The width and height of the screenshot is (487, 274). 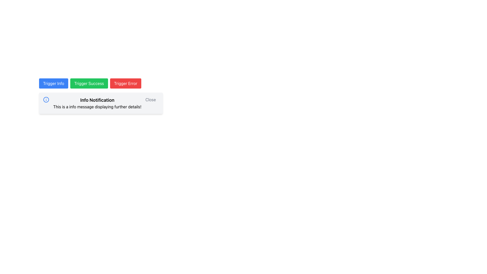 I want to click on the close button located at the rightmost side of the notification box to change its text color, so click(x=150, y=100).